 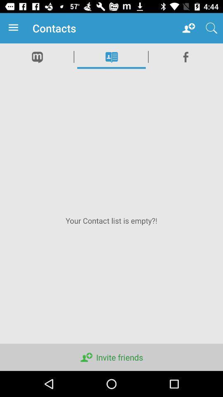 What do you see at coordinates (15, 28) in the screenshot?
I see `icon next to the contacts app` at bounding box center [15, 28].